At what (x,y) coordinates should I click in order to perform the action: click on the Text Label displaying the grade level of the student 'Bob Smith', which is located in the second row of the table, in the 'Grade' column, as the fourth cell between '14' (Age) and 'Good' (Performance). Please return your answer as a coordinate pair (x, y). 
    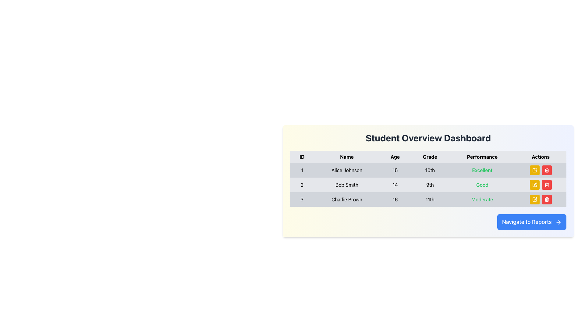
    Looking at the image, I should click on (430, 184).